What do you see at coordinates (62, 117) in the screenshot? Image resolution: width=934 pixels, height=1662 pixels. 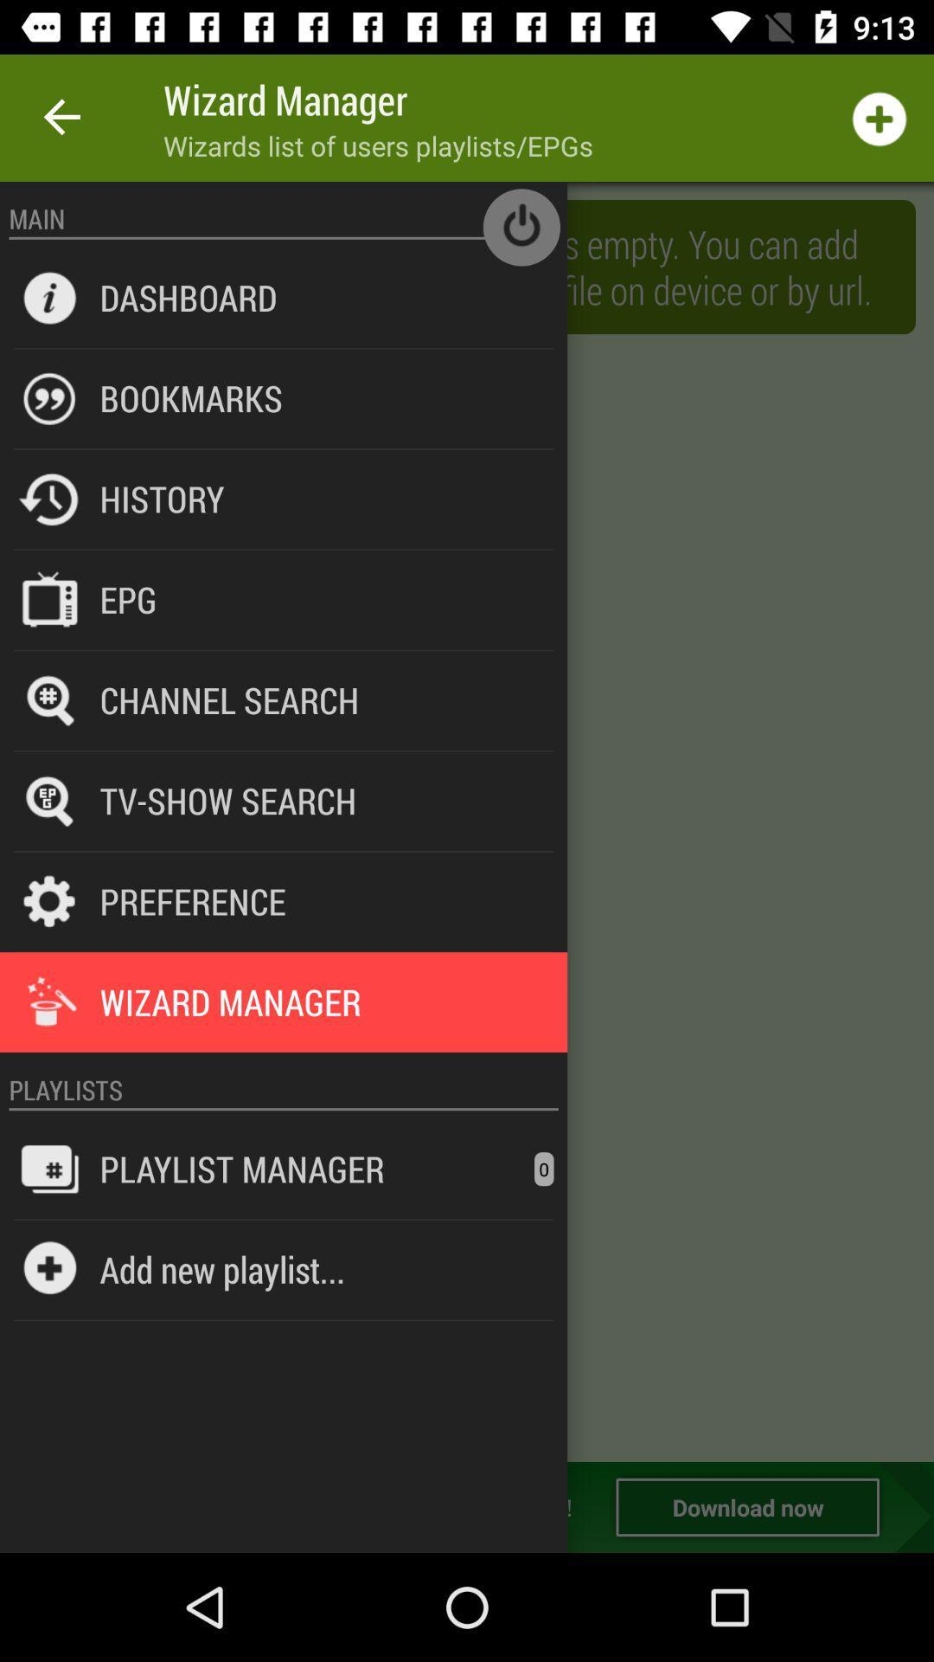 I see `item to the left of the wizard manager icon` at bounding box center [62, 117].